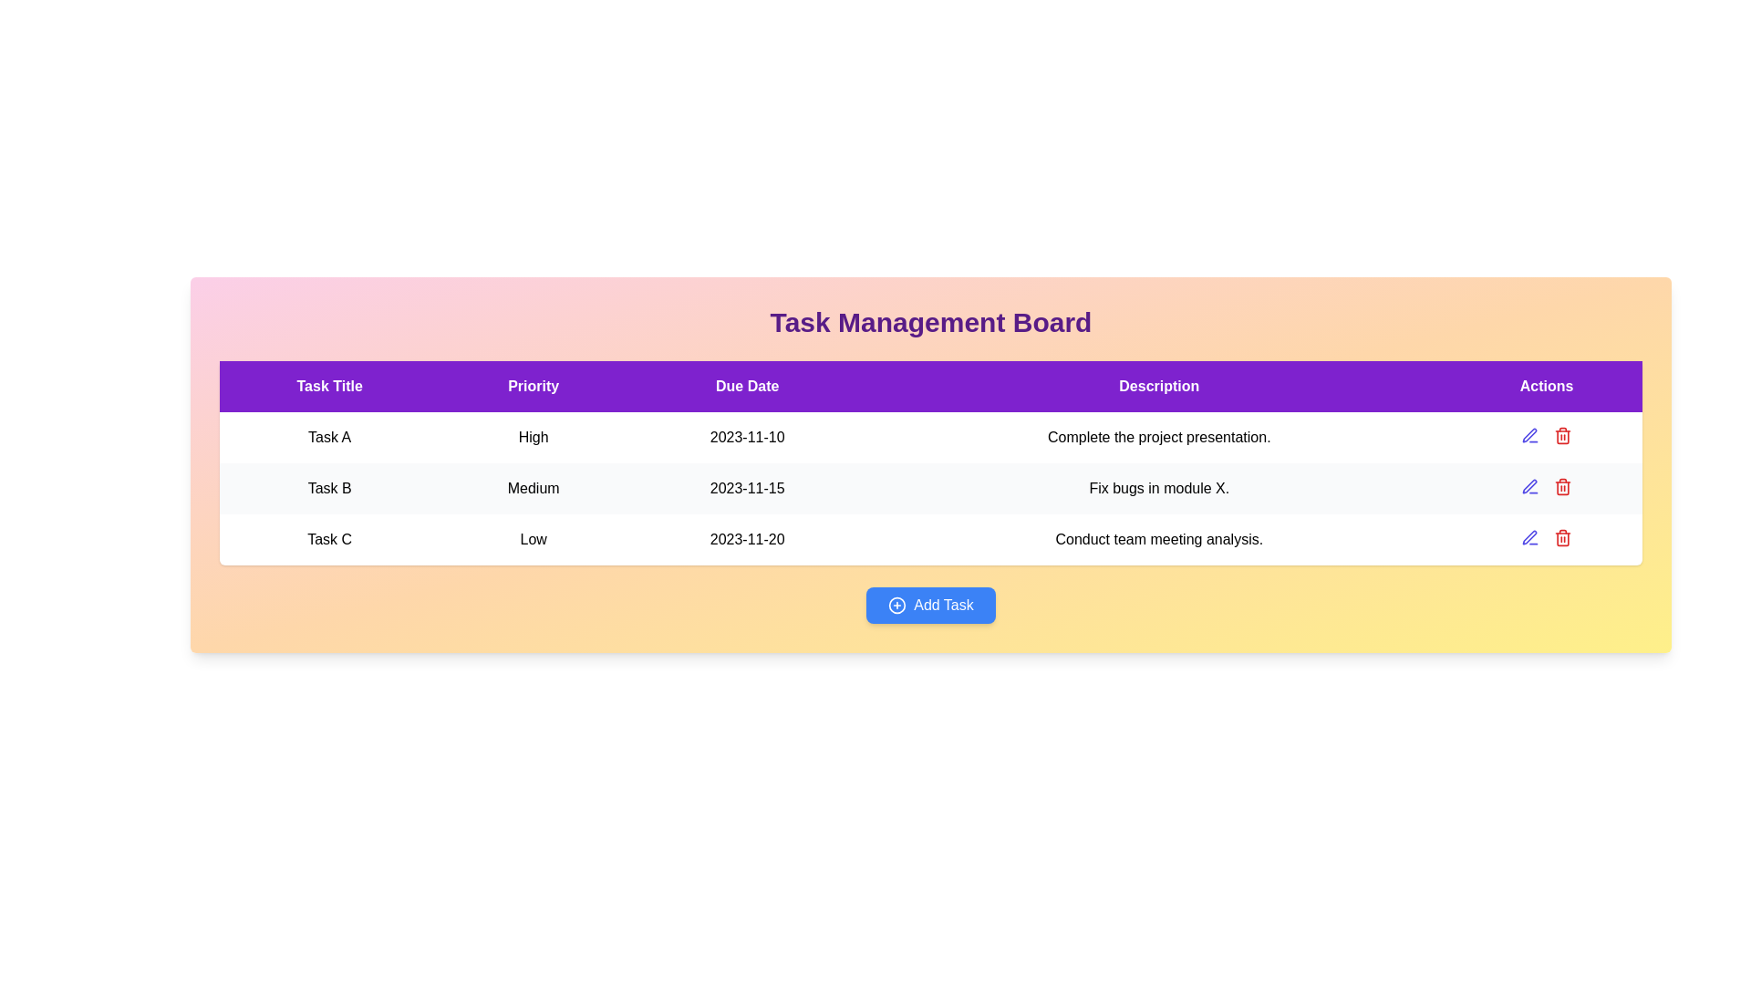  I want to click on Table Header Row that serves as the header for the table, naming the categories of each column, located at the top of the table body, so click(931, 386).